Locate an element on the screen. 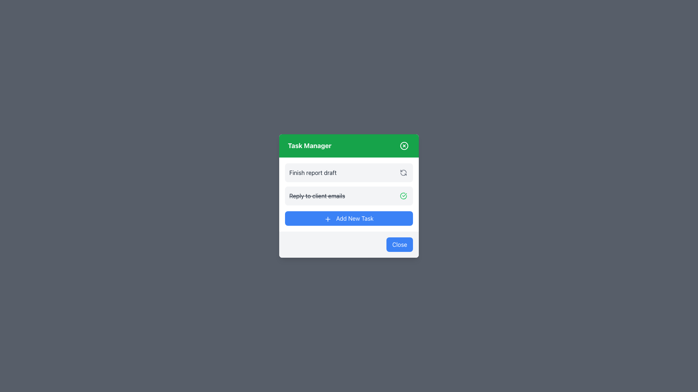 This screenshot has width=698, height=392. the SVG icon resembling a plus symbol located at the left side of the 'Add New Task' button is located at coordinates (328, 219).